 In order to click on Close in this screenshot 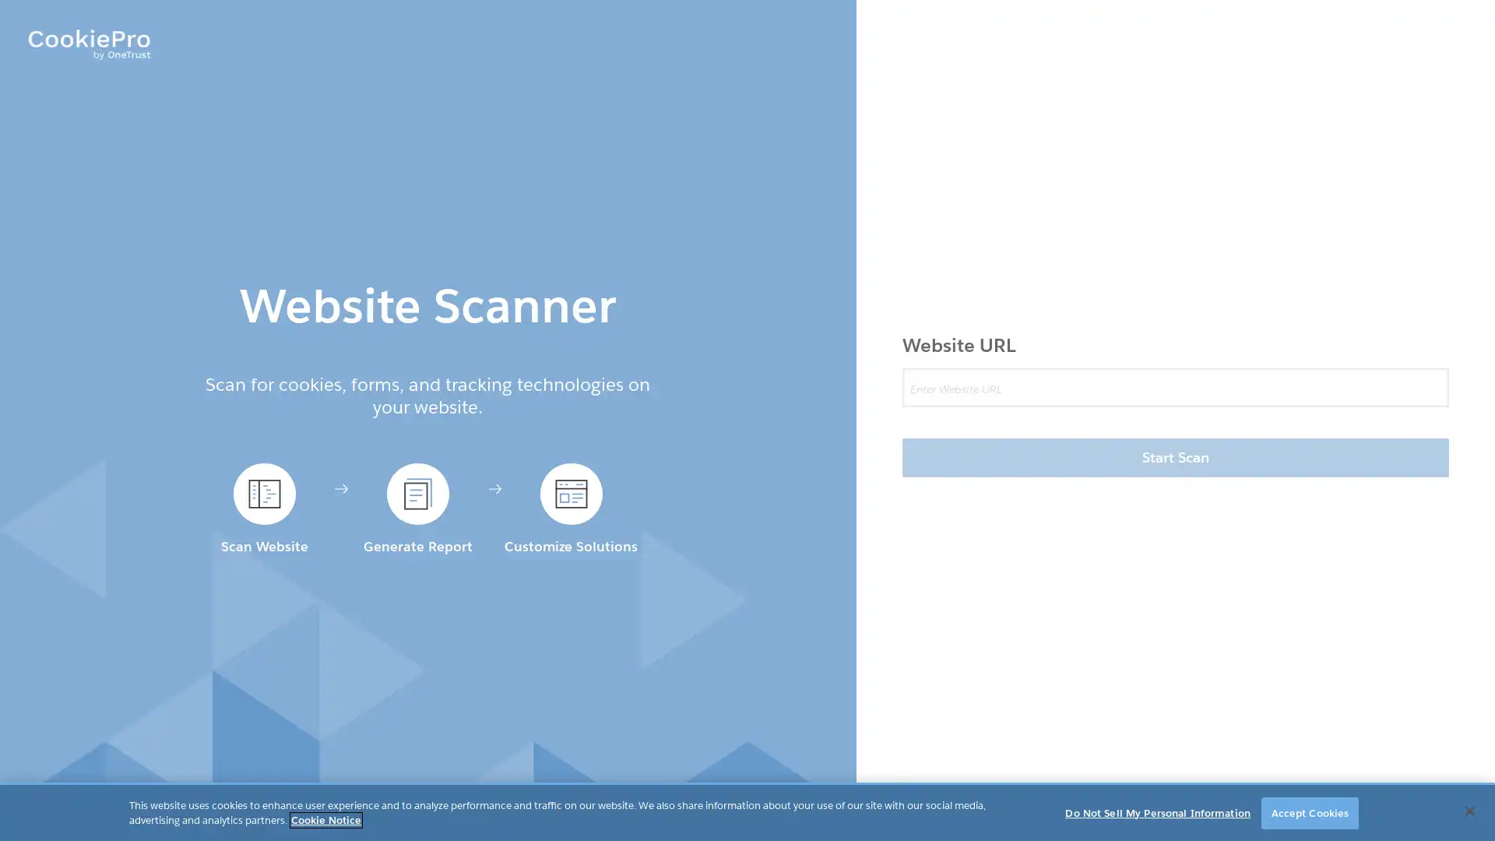, I will do `click(1469, 810)`.